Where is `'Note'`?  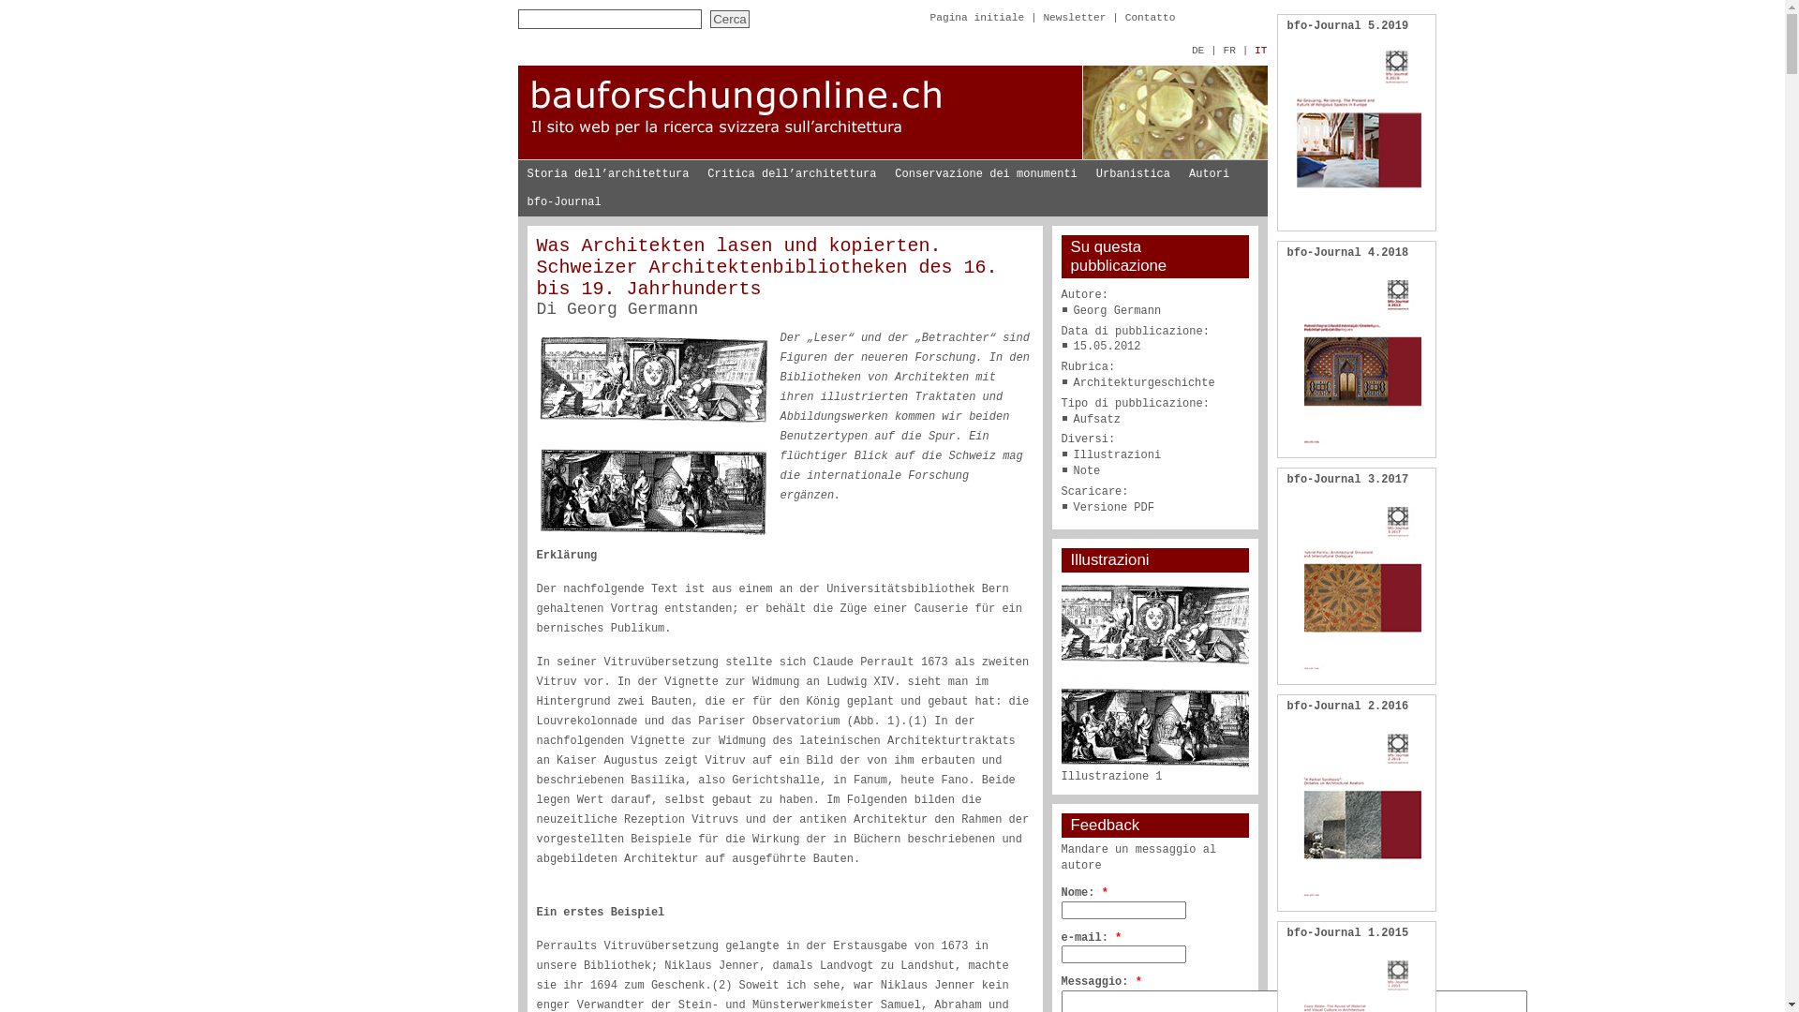 'Note' is located at coordinates (1087, 469).